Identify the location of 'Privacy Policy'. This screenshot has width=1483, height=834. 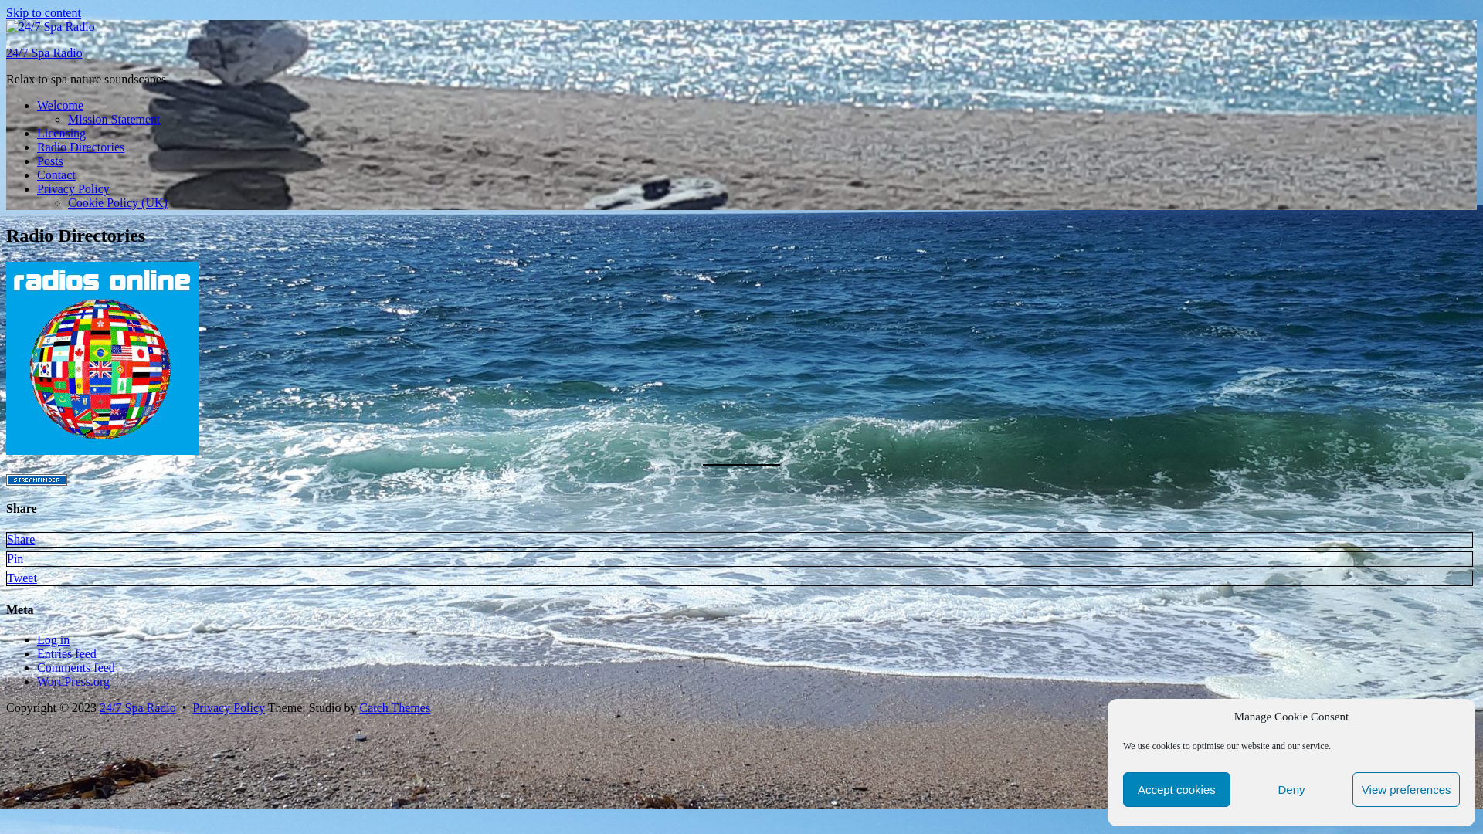
(228, 707).